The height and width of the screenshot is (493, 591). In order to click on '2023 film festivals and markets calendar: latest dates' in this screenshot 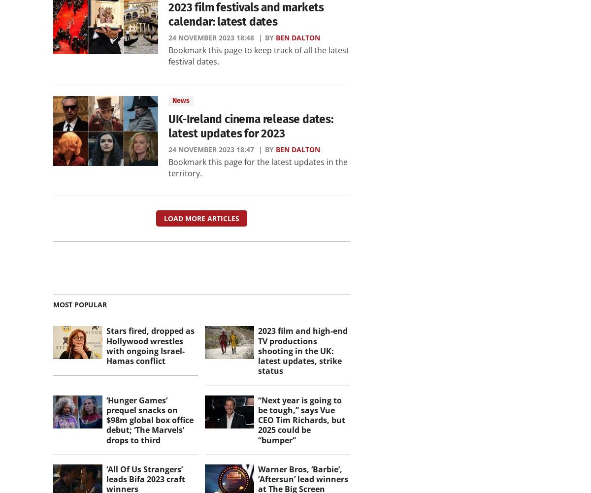, I will do `click(245, 15)`.